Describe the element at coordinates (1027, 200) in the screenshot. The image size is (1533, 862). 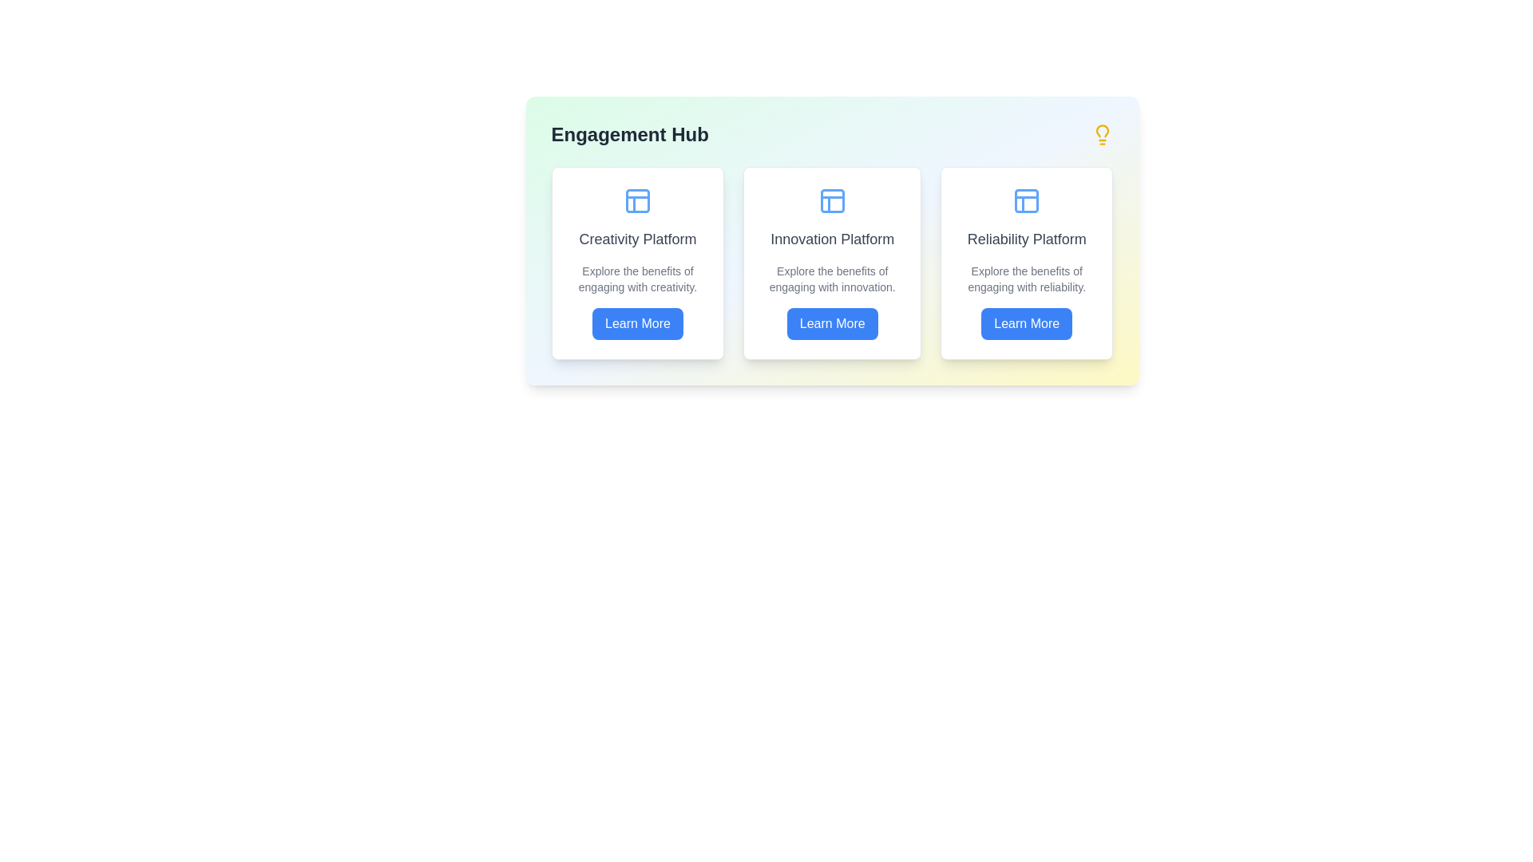
I see `the graphical representation within the 'Reliability Platform' icon located in the third card of the 'Engagement Hub' panel` at that location.